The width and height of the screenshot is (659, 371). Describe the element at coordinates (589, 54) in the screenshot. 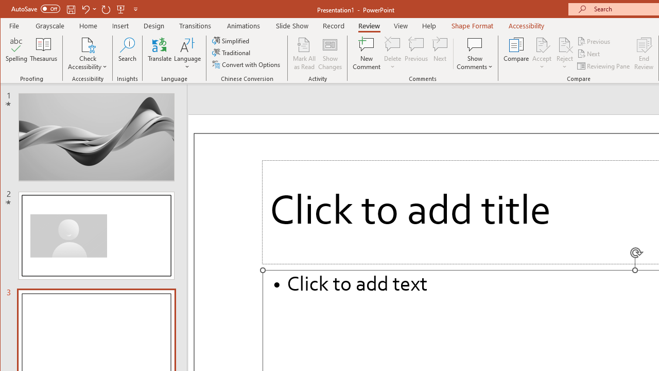

I see `'Next'` at that location.